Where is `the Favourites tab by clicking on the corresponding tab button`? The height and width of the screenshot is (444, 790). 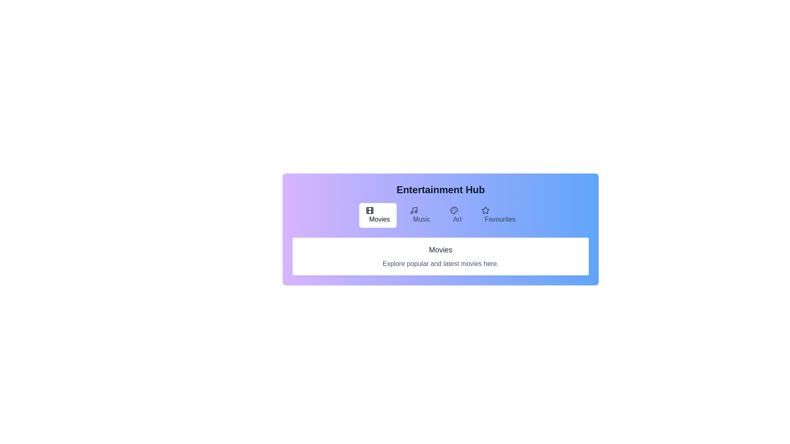
the Favourites tab by clicking on the corresponding tab button is located at coordinates (498, 215).